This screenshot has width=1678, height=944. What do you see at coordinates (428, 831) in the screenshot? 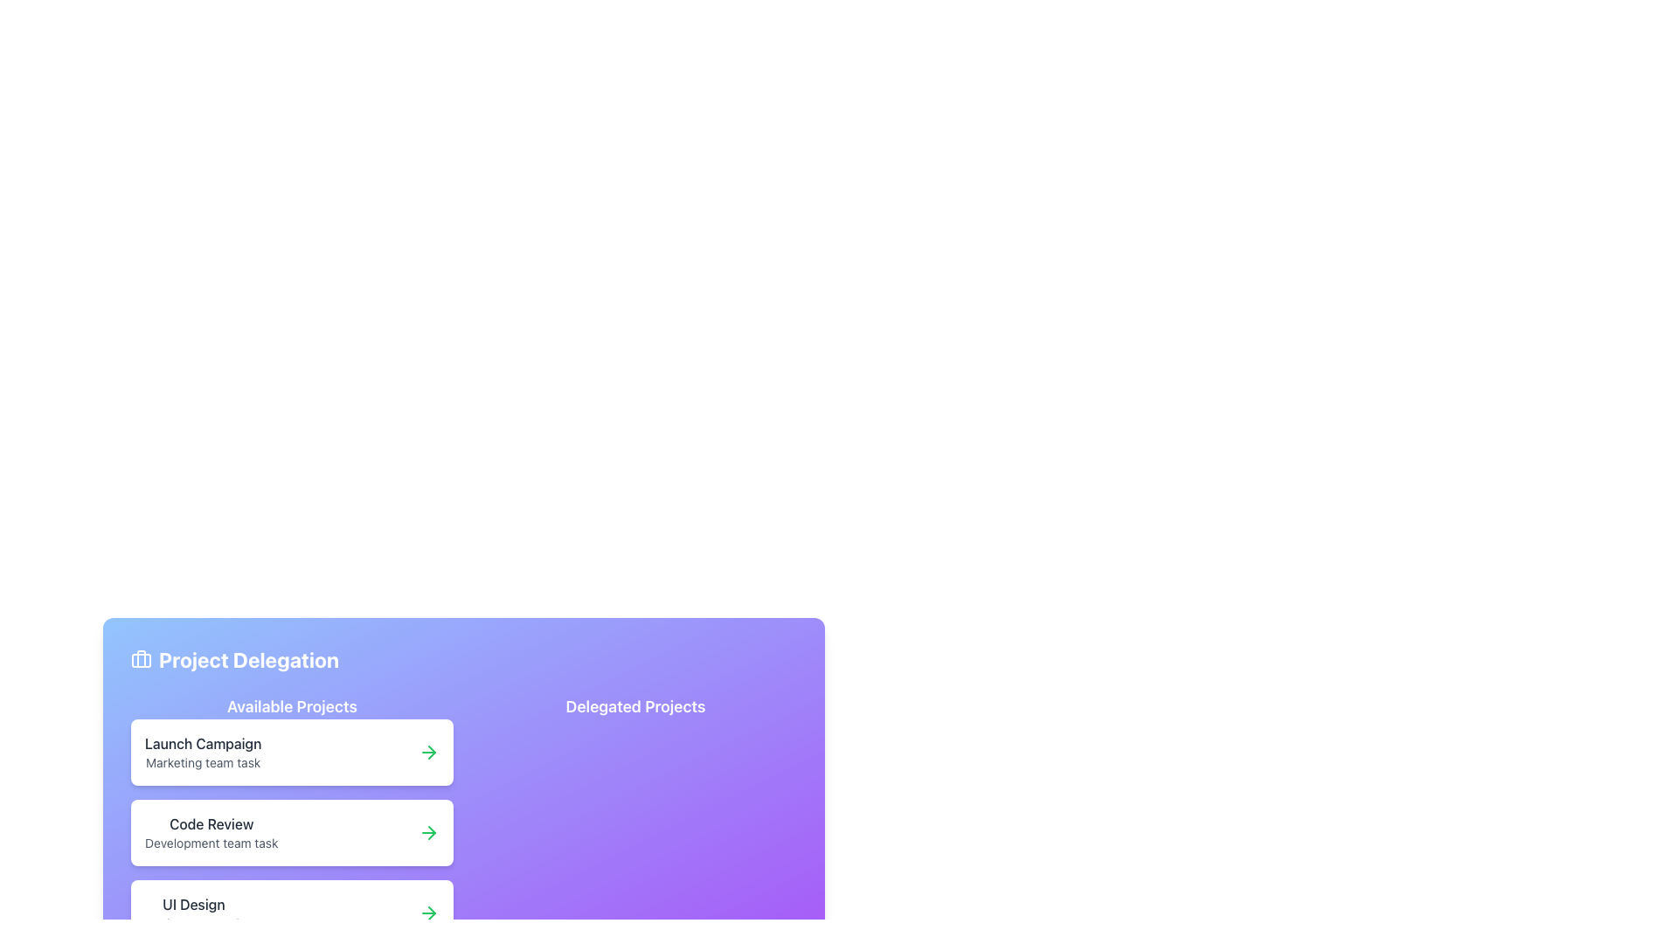
I see `the small green arrow icon at the far-right end of the 'Code Review' task card` at bounding box center [428, 831].